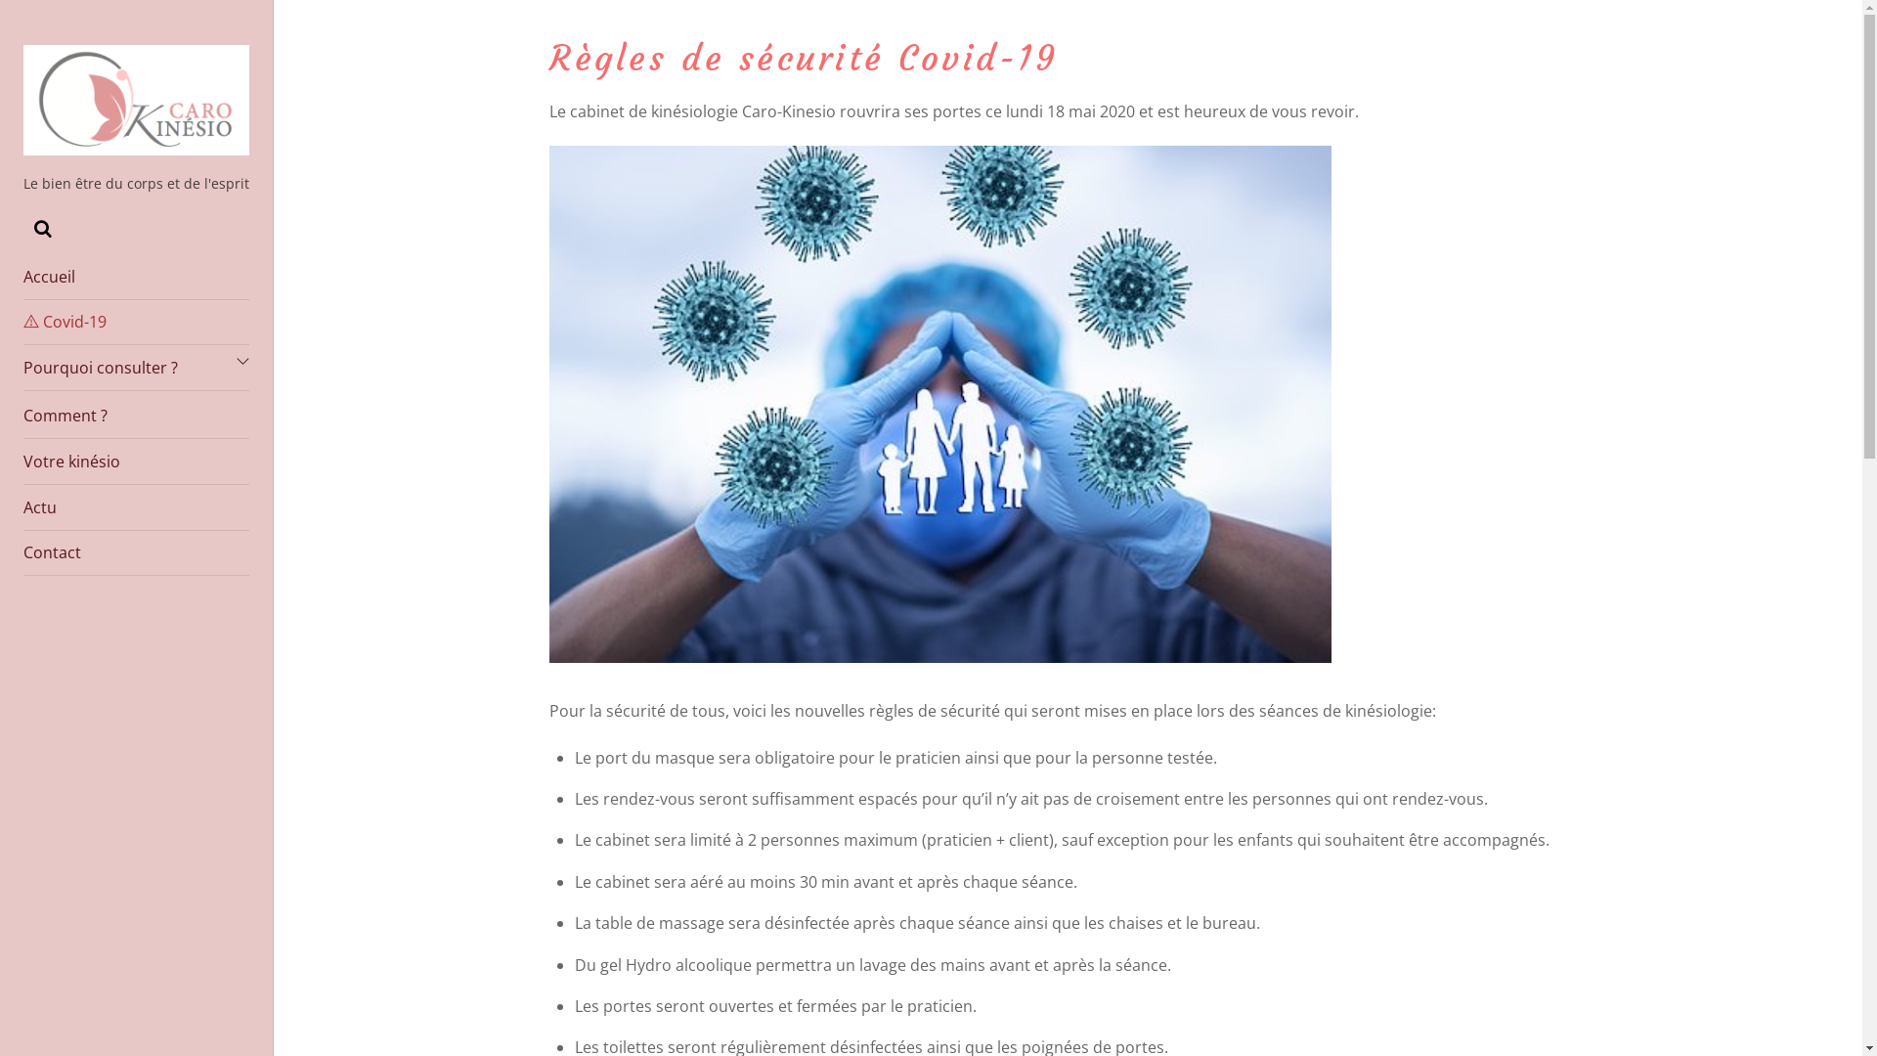 The image size is (1877, 1056). Describe the element at coordinates (23, 277) in the screenshot. I see `'Accueil'` at that location.